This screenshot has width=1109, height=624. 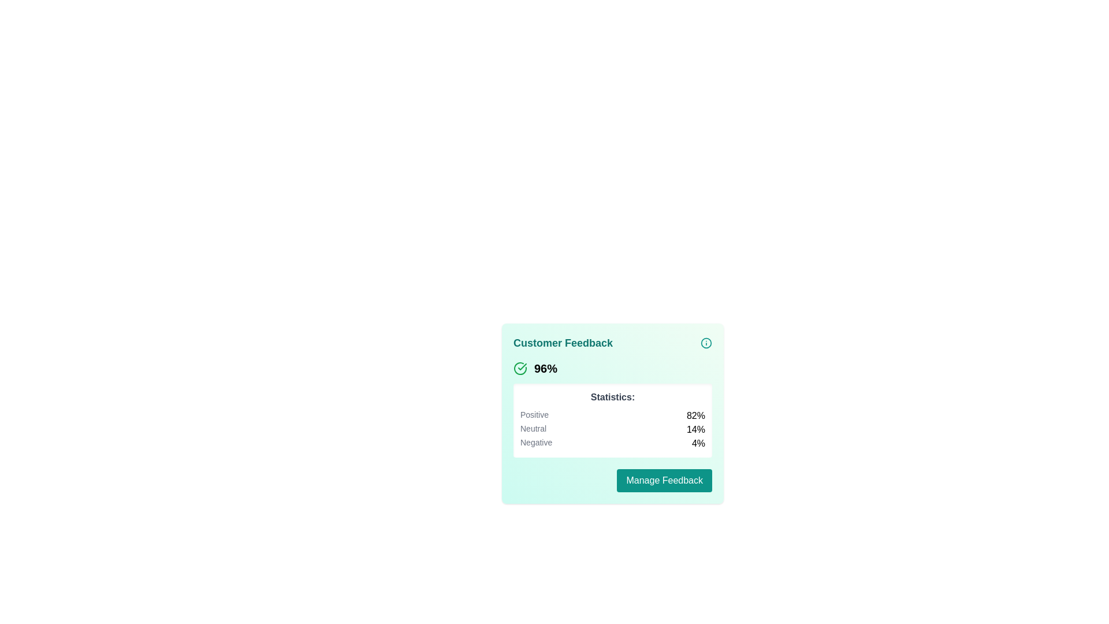 I want to click on the percentage text displaying neutral responses located to the right of the 'Neutral' label in the statistics area of the feedback card interface, so click(x=695, y=430).